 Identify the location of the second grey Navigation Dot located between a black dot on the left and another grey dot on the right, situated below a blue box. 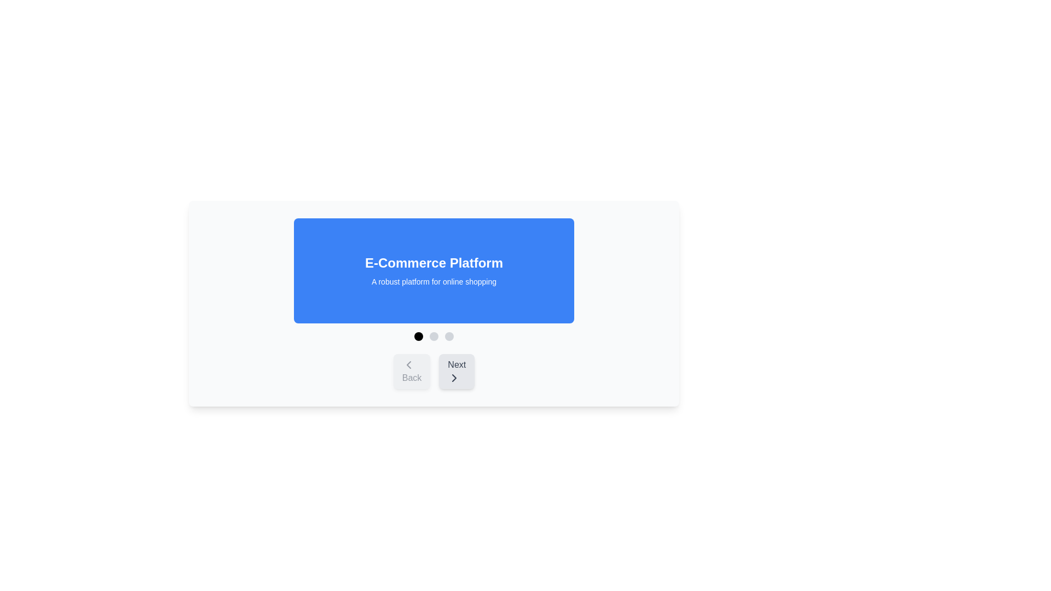
(433, 335).